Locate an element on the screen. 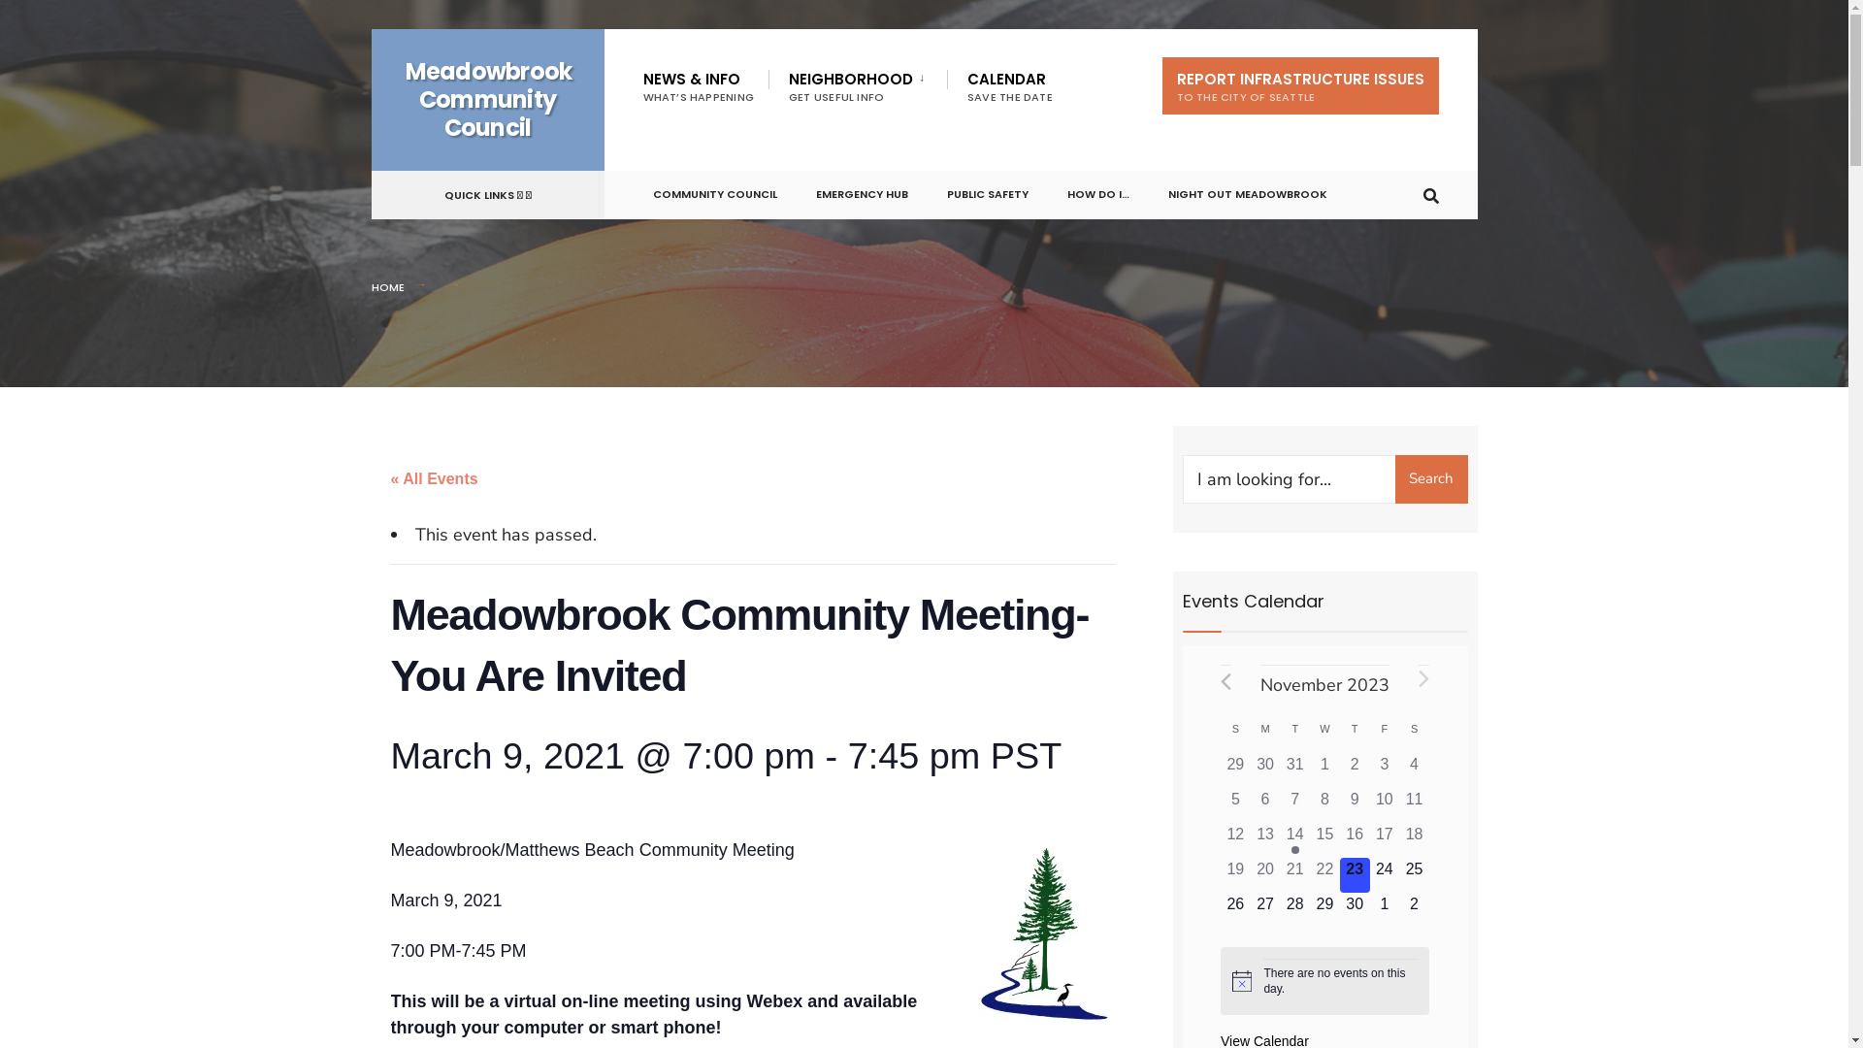 This screenshot has width=1863, height=1048. '0 events, is located at coordinates (1265, 804).